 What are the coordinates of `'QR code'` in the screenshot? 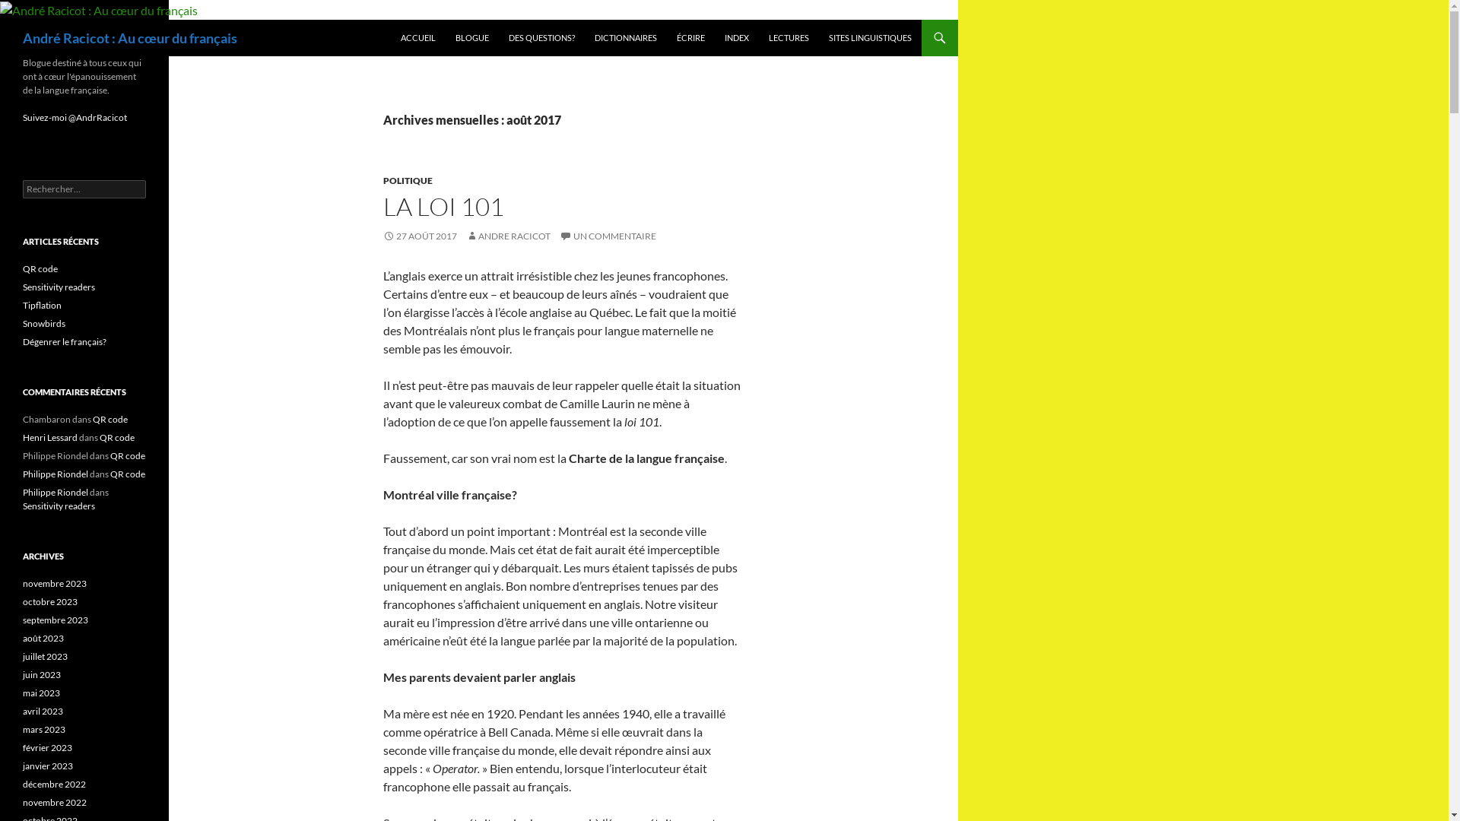 It's located at (40, 268).